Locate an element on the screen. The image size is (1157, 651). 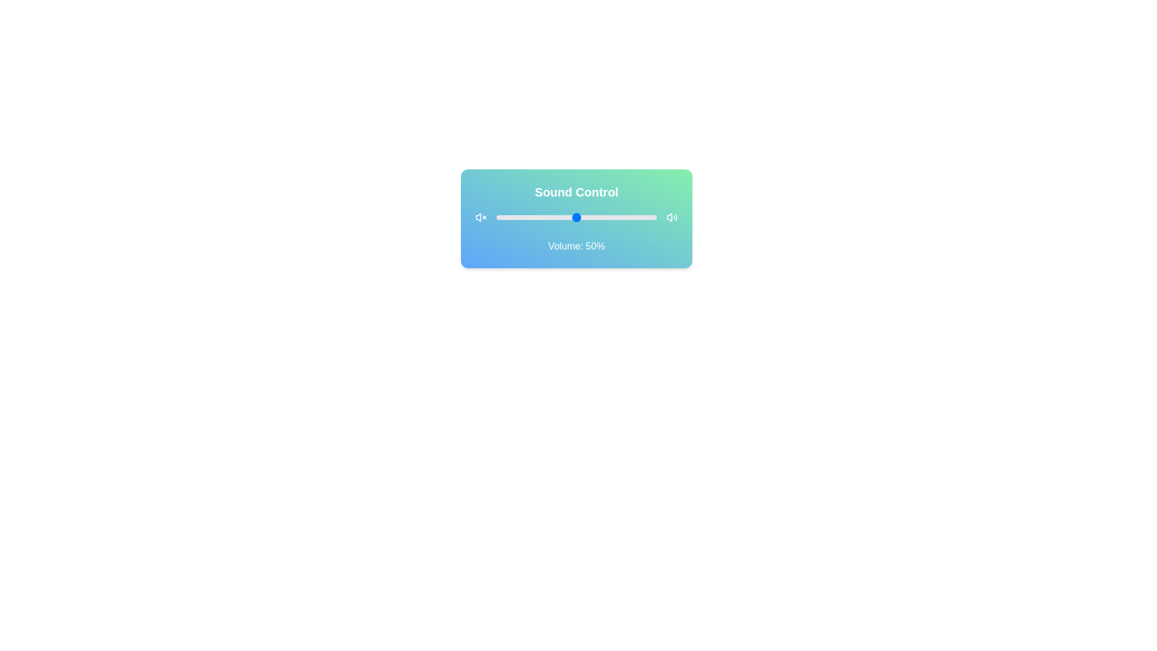
the volume control slider located below the 'Sound Control' header and above the 'Volume: 50%' label by is located at coordinates (575, 218).